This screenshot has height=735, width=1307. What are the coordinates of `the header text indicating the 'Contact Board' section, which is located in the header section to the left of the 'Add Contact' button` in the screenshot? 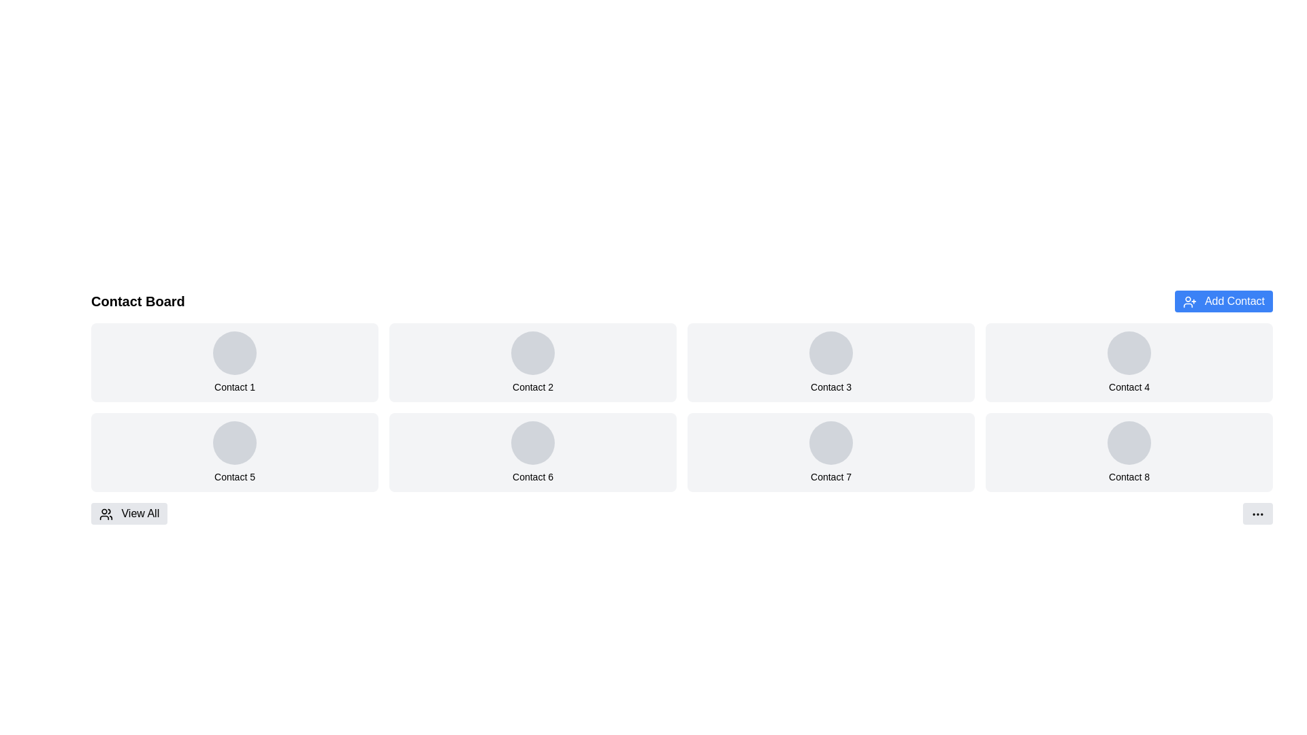 It's located at (138, 301).